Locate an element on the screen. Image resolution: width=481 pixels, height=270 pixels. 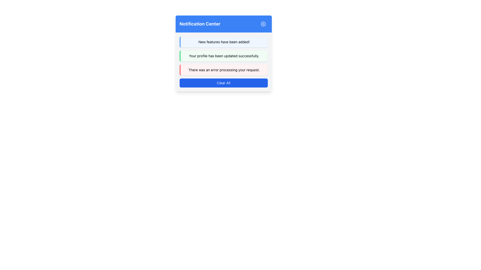
the notification message 'Your profile has been updated successfully.' located in the Notification Center, which indicates a successful update with a green background is located at coordinates (224, 56).